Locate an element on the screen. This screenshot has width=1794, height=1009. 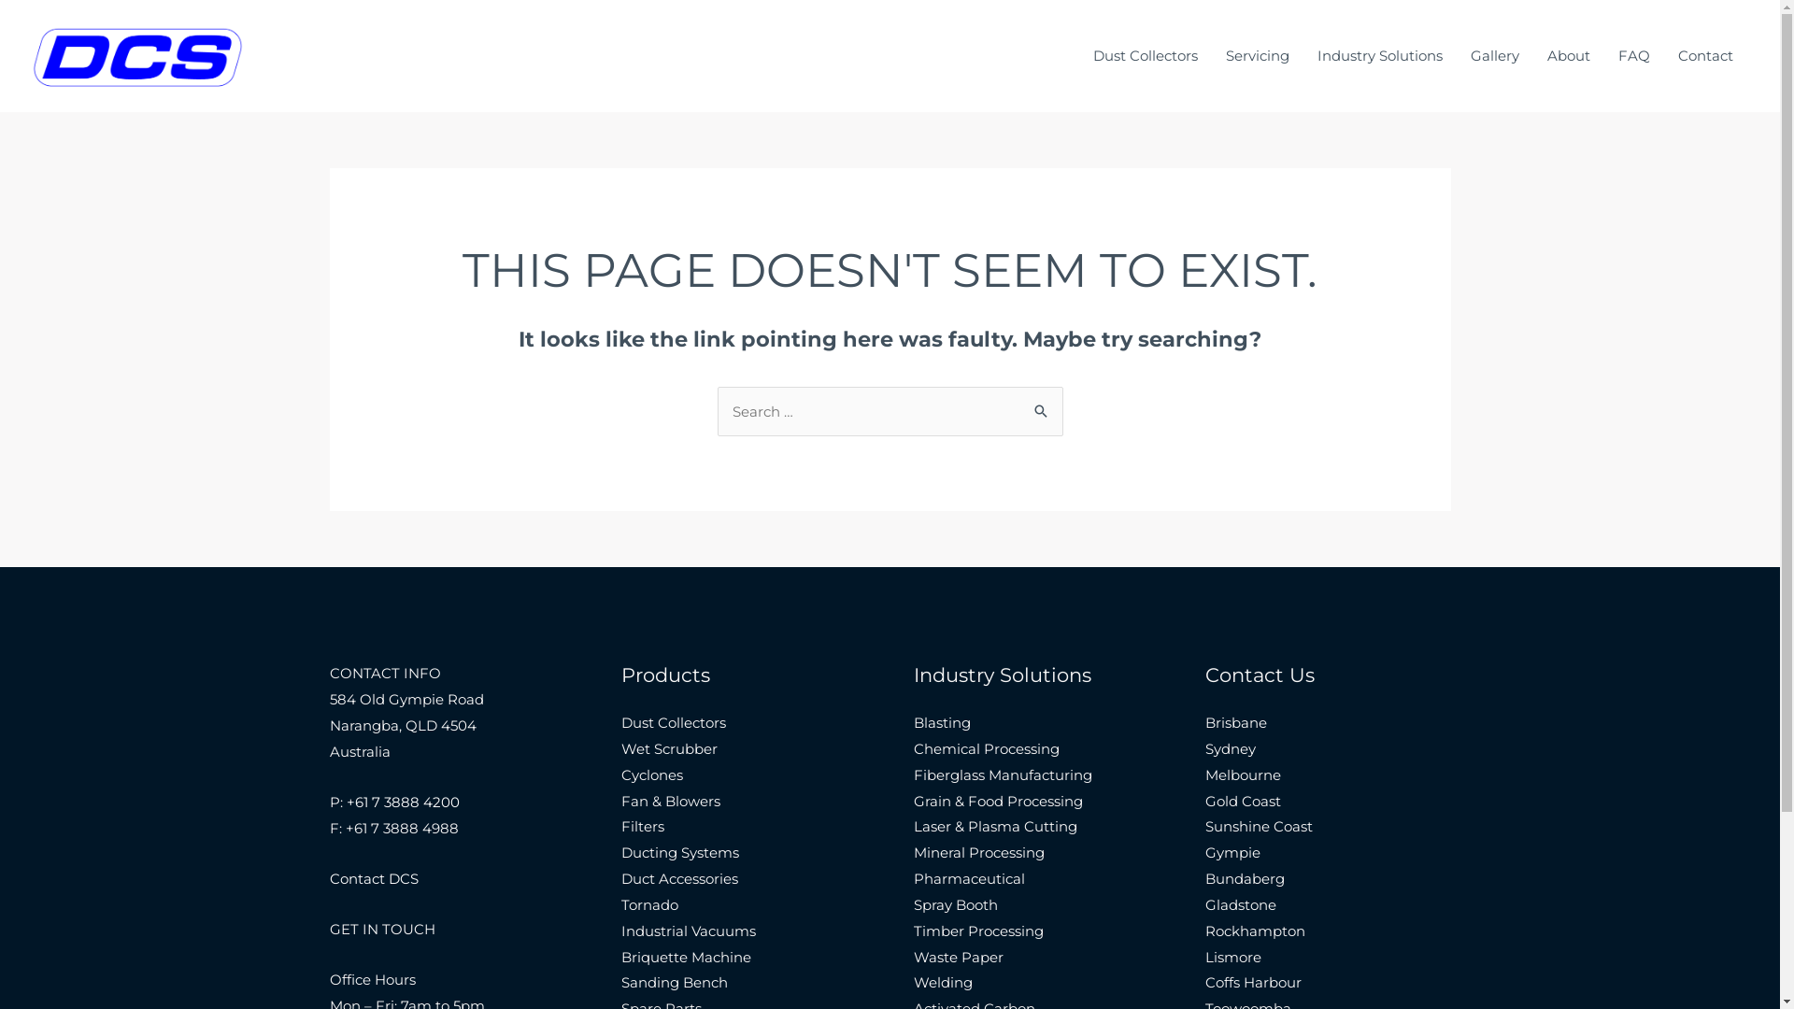
'Contact DCS' is located at coordinates (373, 878).